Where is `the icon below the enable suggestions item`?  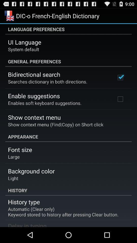 the icon below the enable suggestions item is located at coordinates (45, 103).